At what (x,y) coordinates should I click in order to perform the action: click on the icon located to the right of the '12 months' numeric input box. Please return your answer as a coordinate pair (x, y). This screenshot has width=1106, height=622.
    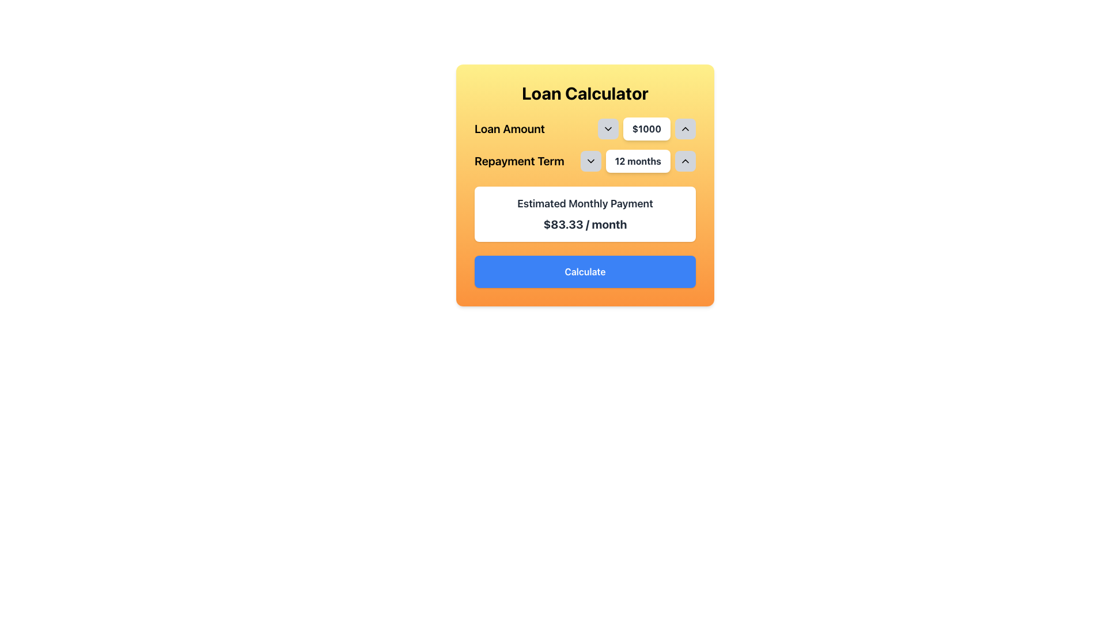
    Looking at the image, I should click on (590, 161).